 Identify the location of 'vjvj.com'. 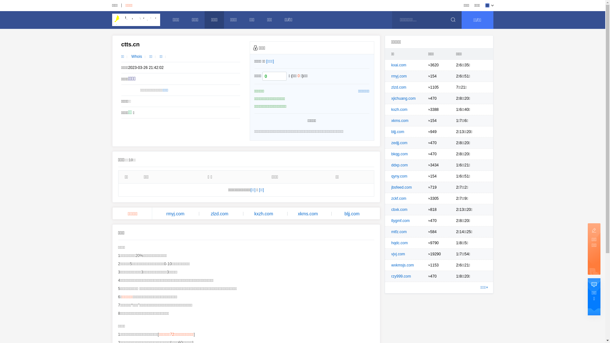
(391, 253).